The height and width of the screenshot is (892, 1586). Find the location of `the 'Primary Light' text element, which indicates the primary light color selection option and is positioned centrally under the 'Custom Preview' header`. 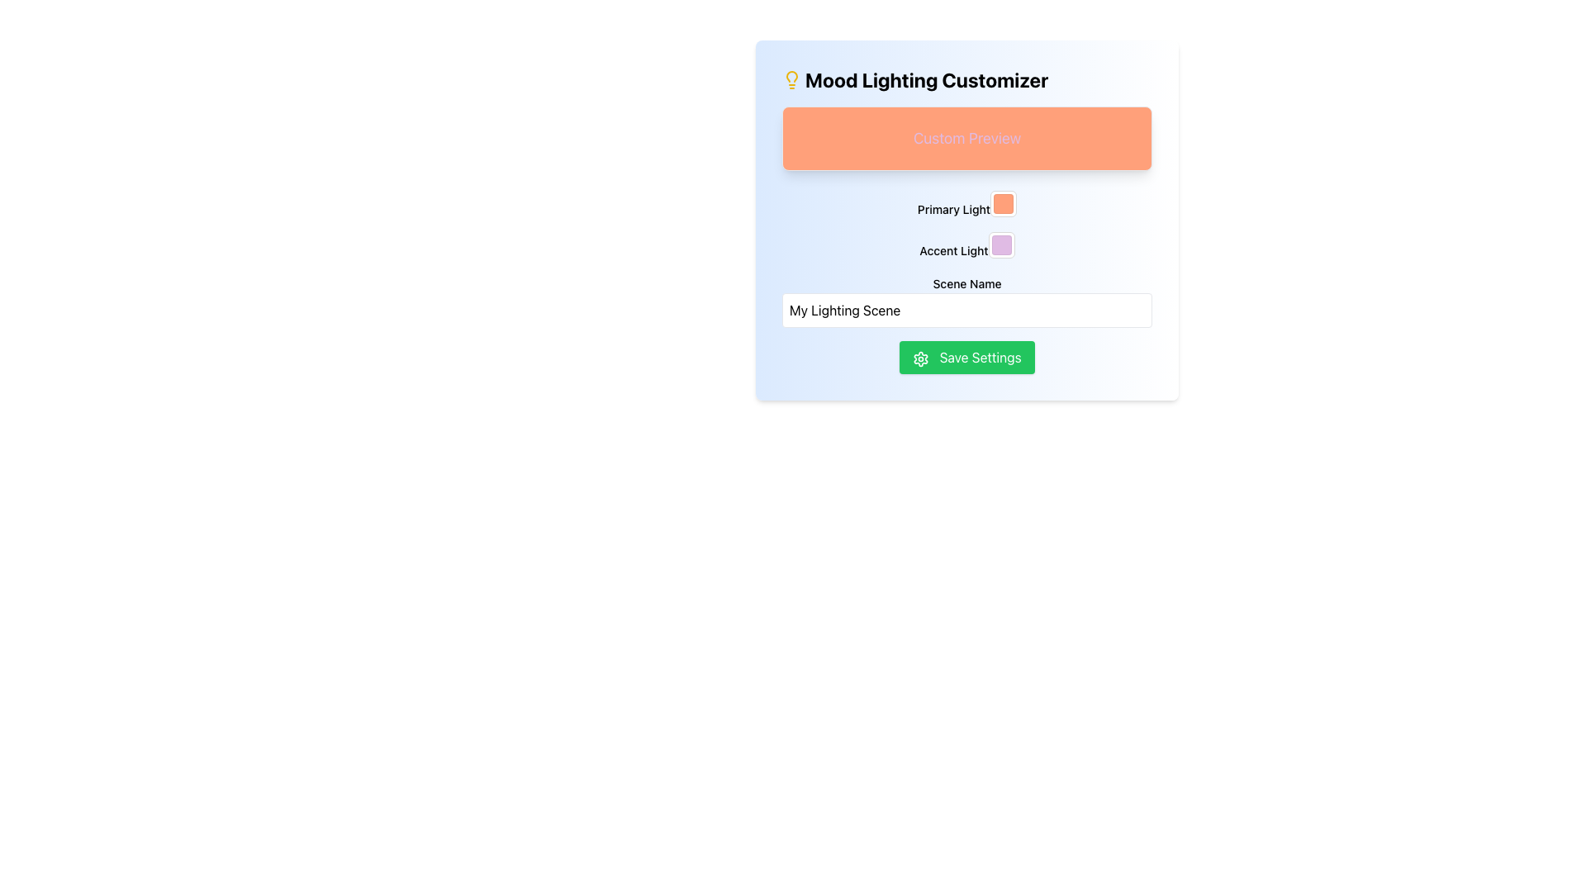

the 'Primary Light' text element, which indicates the primary light color selection option and is positioned centrally under the 'Custom Preview' header is located at coordinates (954, 208).